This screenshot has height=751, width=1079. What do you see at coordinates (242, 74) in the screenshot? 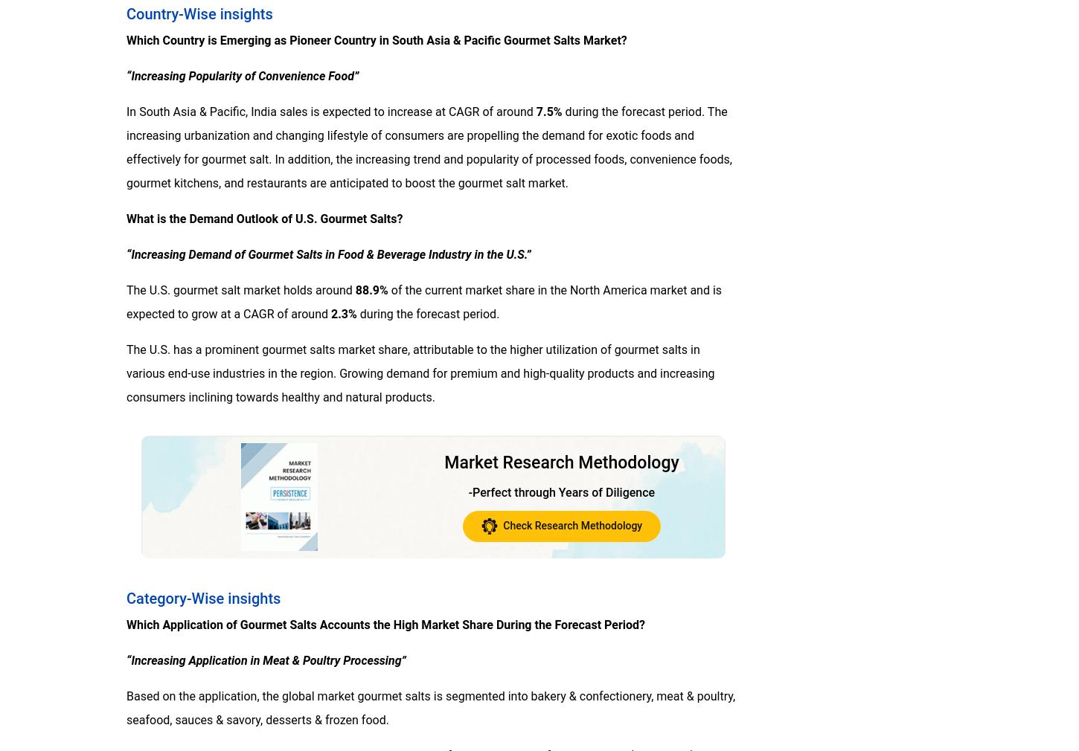
I see `'Increasing Popularity of Convenience Food'` at bounding box center [242, 74].